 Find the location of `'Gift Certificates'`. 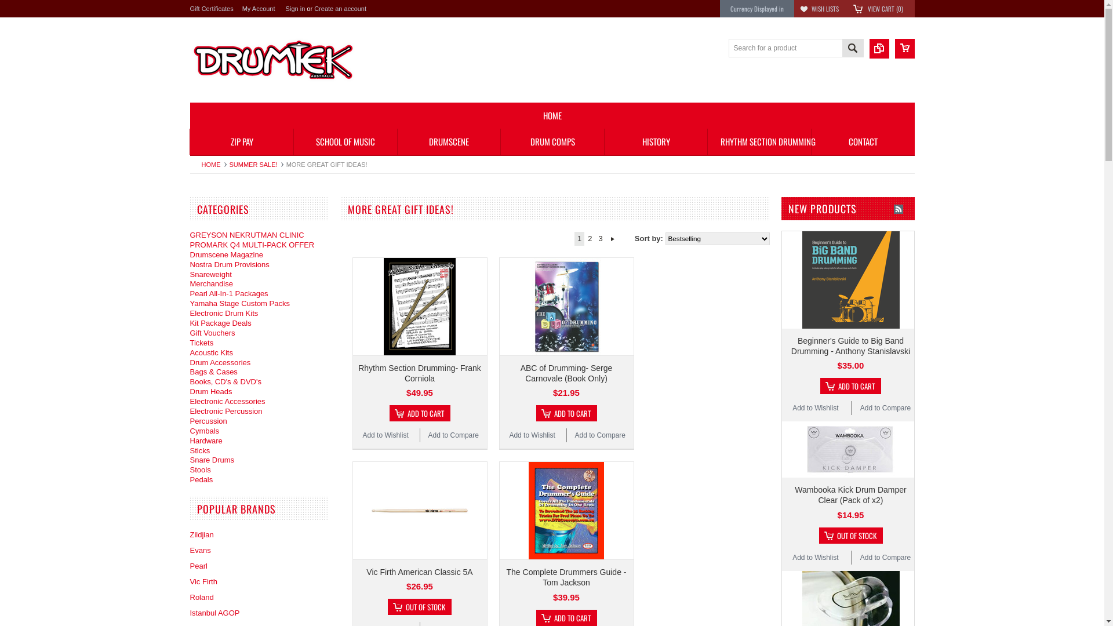

'Gift Certificates' is located at coordinates (212, 9).